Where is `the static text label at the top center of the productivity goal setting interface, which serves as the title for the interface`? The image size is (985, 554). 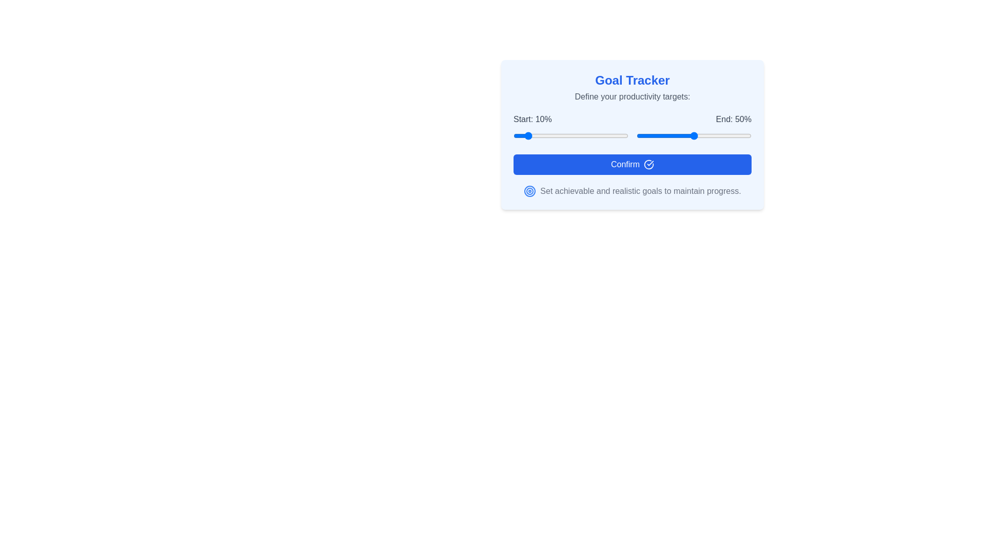
the static text label at the top center of the productivity goal setting interface, which serves as the title for the interface is located at coordinates (632, 80).